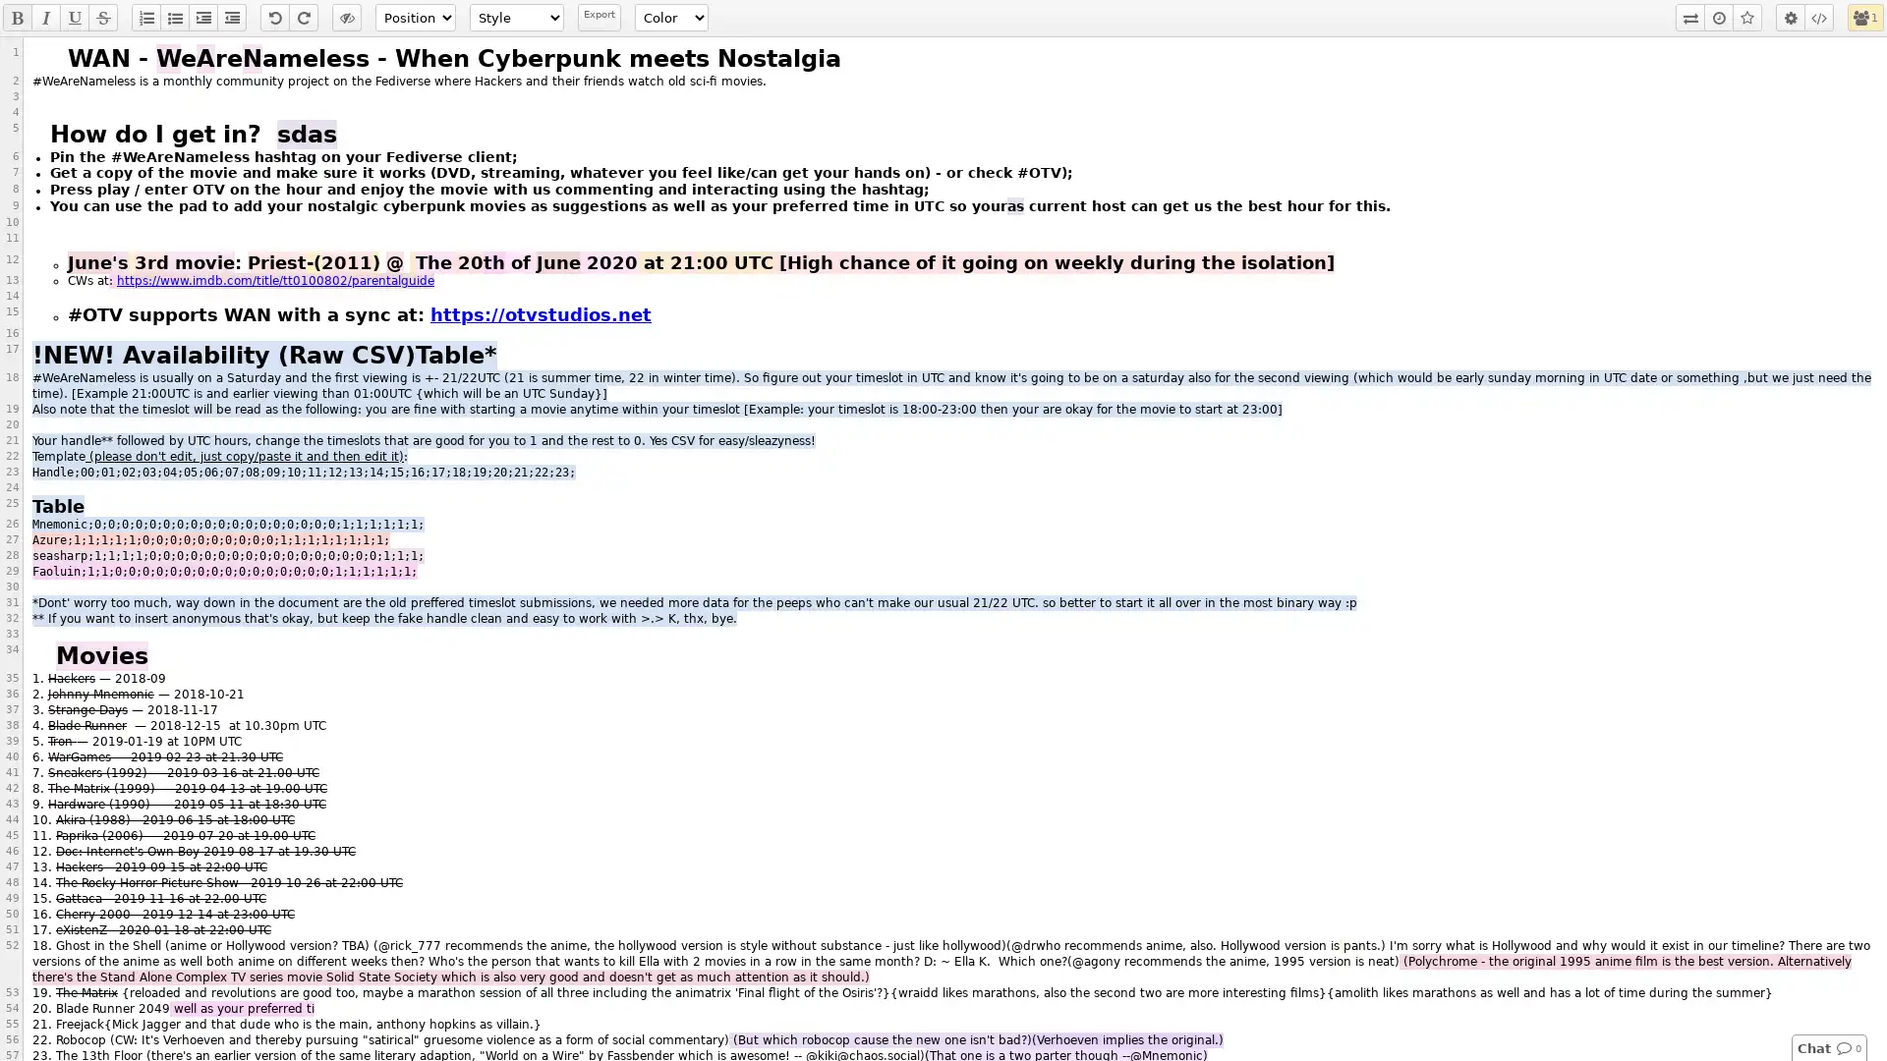  I want to click on Save Revision, so click(1746, 18).